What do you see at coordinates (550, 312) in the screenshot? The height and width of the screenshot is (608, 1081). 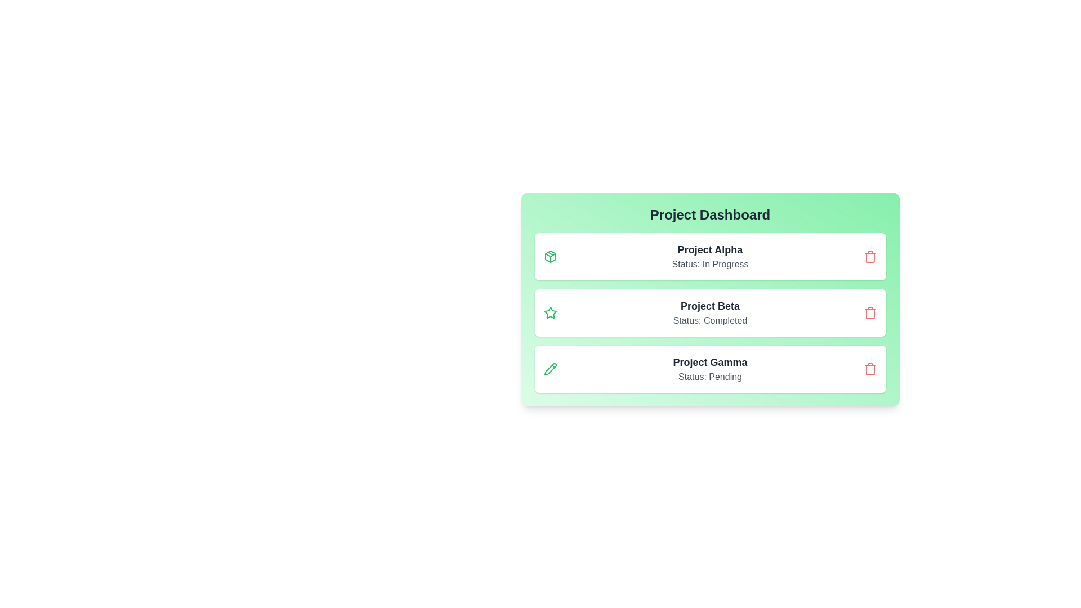 I see `the icon associated with Project Beta` at bounding box center [550, 312].